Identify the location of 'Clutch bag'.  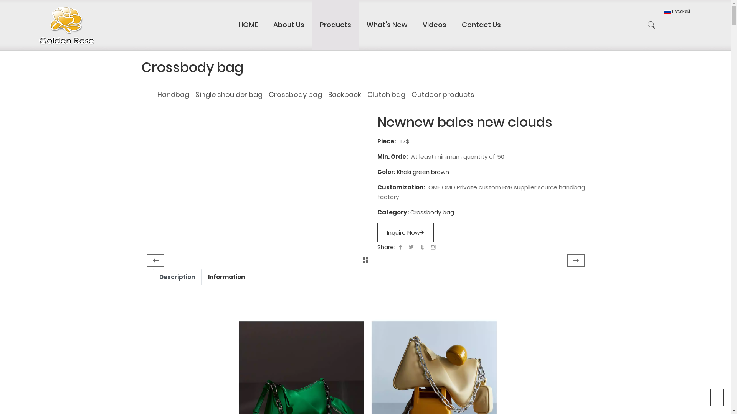
(386, 94).